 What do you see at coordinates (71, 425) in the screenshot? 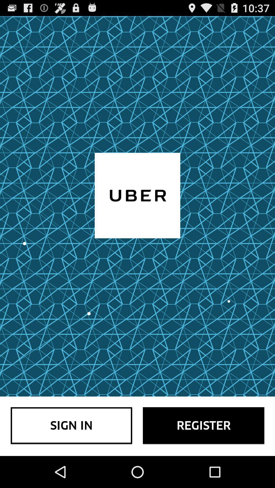
I see `the item to the left of the register icon` at bounding box center [71, 425].